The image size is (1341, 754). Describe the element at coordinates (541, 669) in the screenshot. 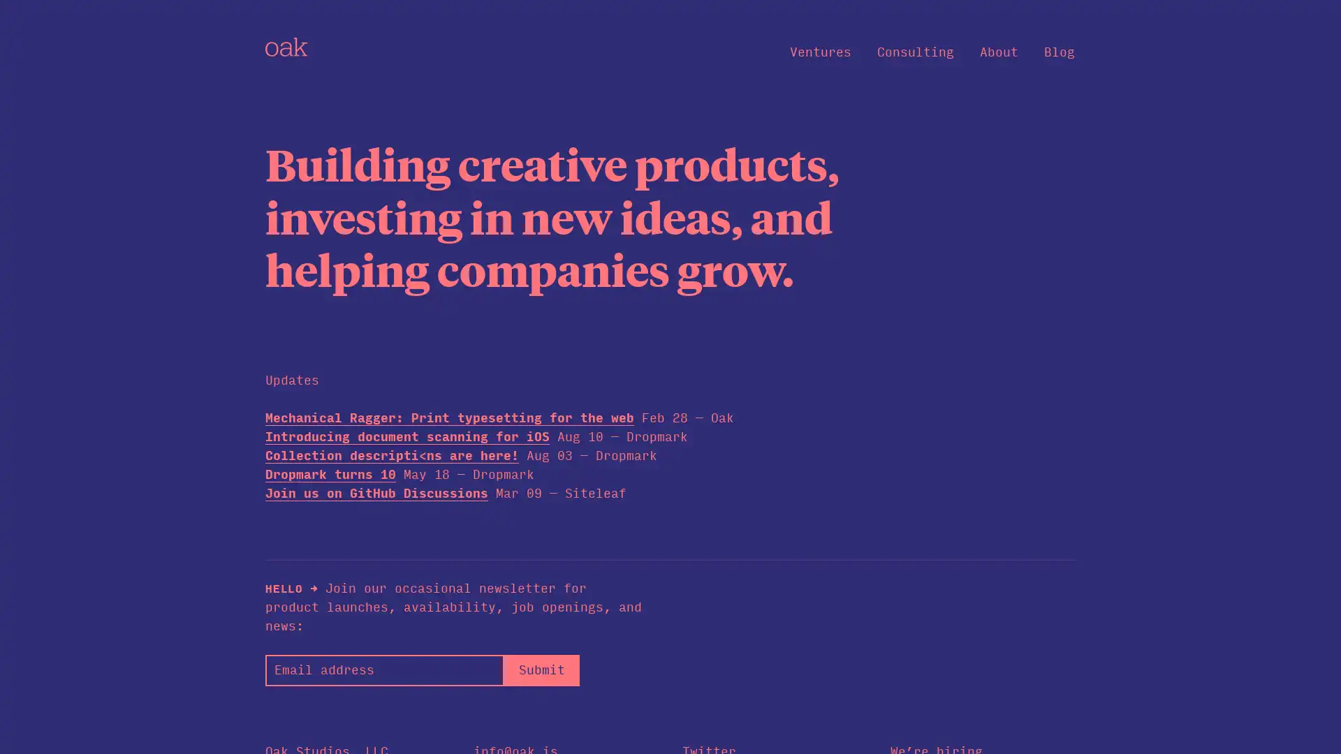

I see `Submit` at that location.